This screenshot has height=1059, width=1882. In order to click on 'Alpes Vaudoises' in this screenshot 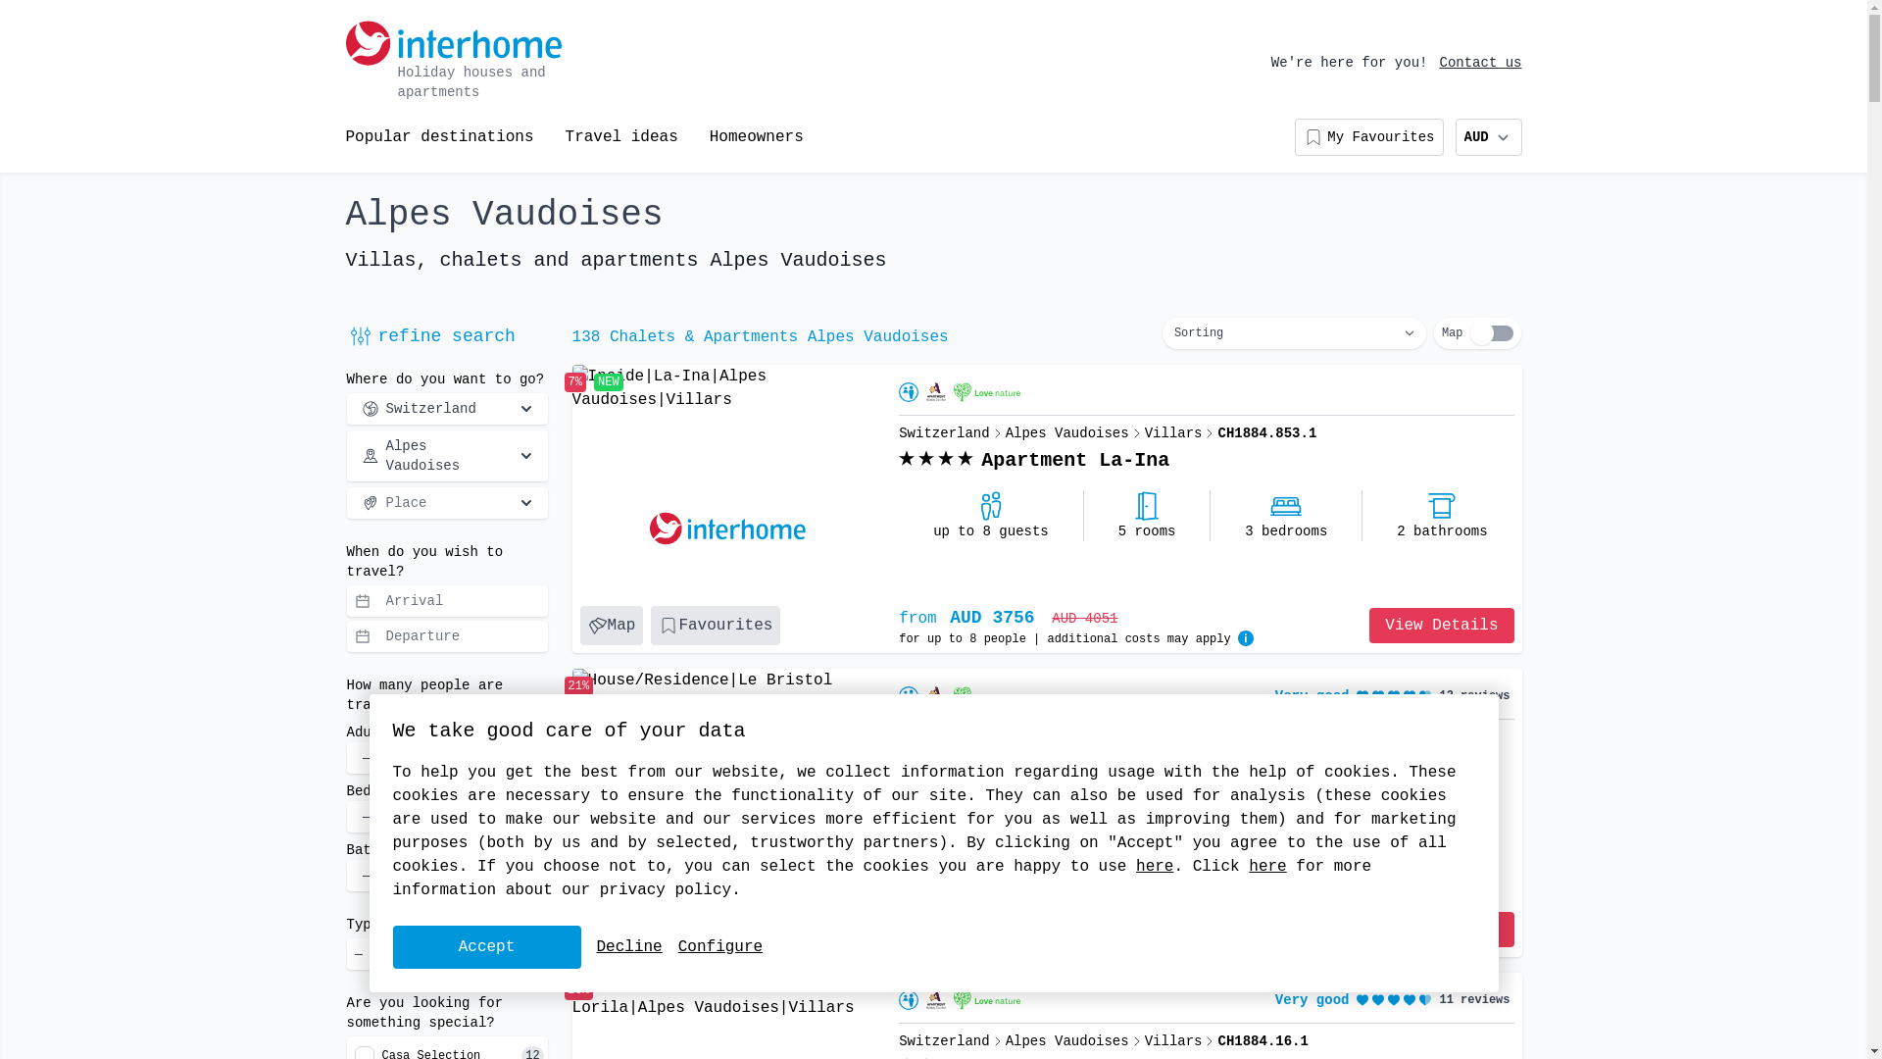, I will do `click(347, 456)`.